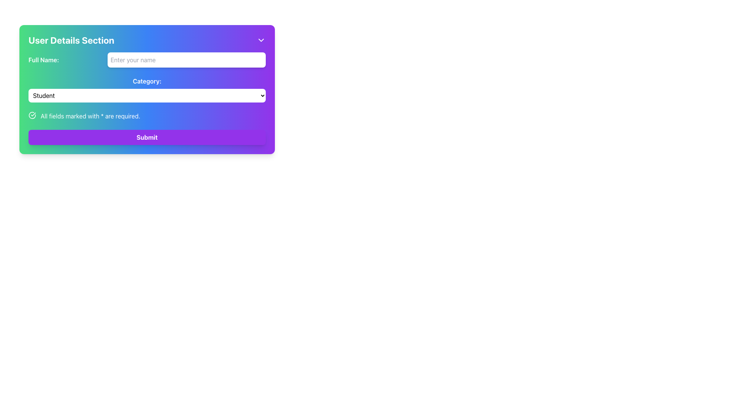 This screenshot has height=410, width=730. I want to click on the text label reading 'Category:' which is styled in bold white font and located above the dropdown menu in the gradient-colored form interface, so click(147, 81).